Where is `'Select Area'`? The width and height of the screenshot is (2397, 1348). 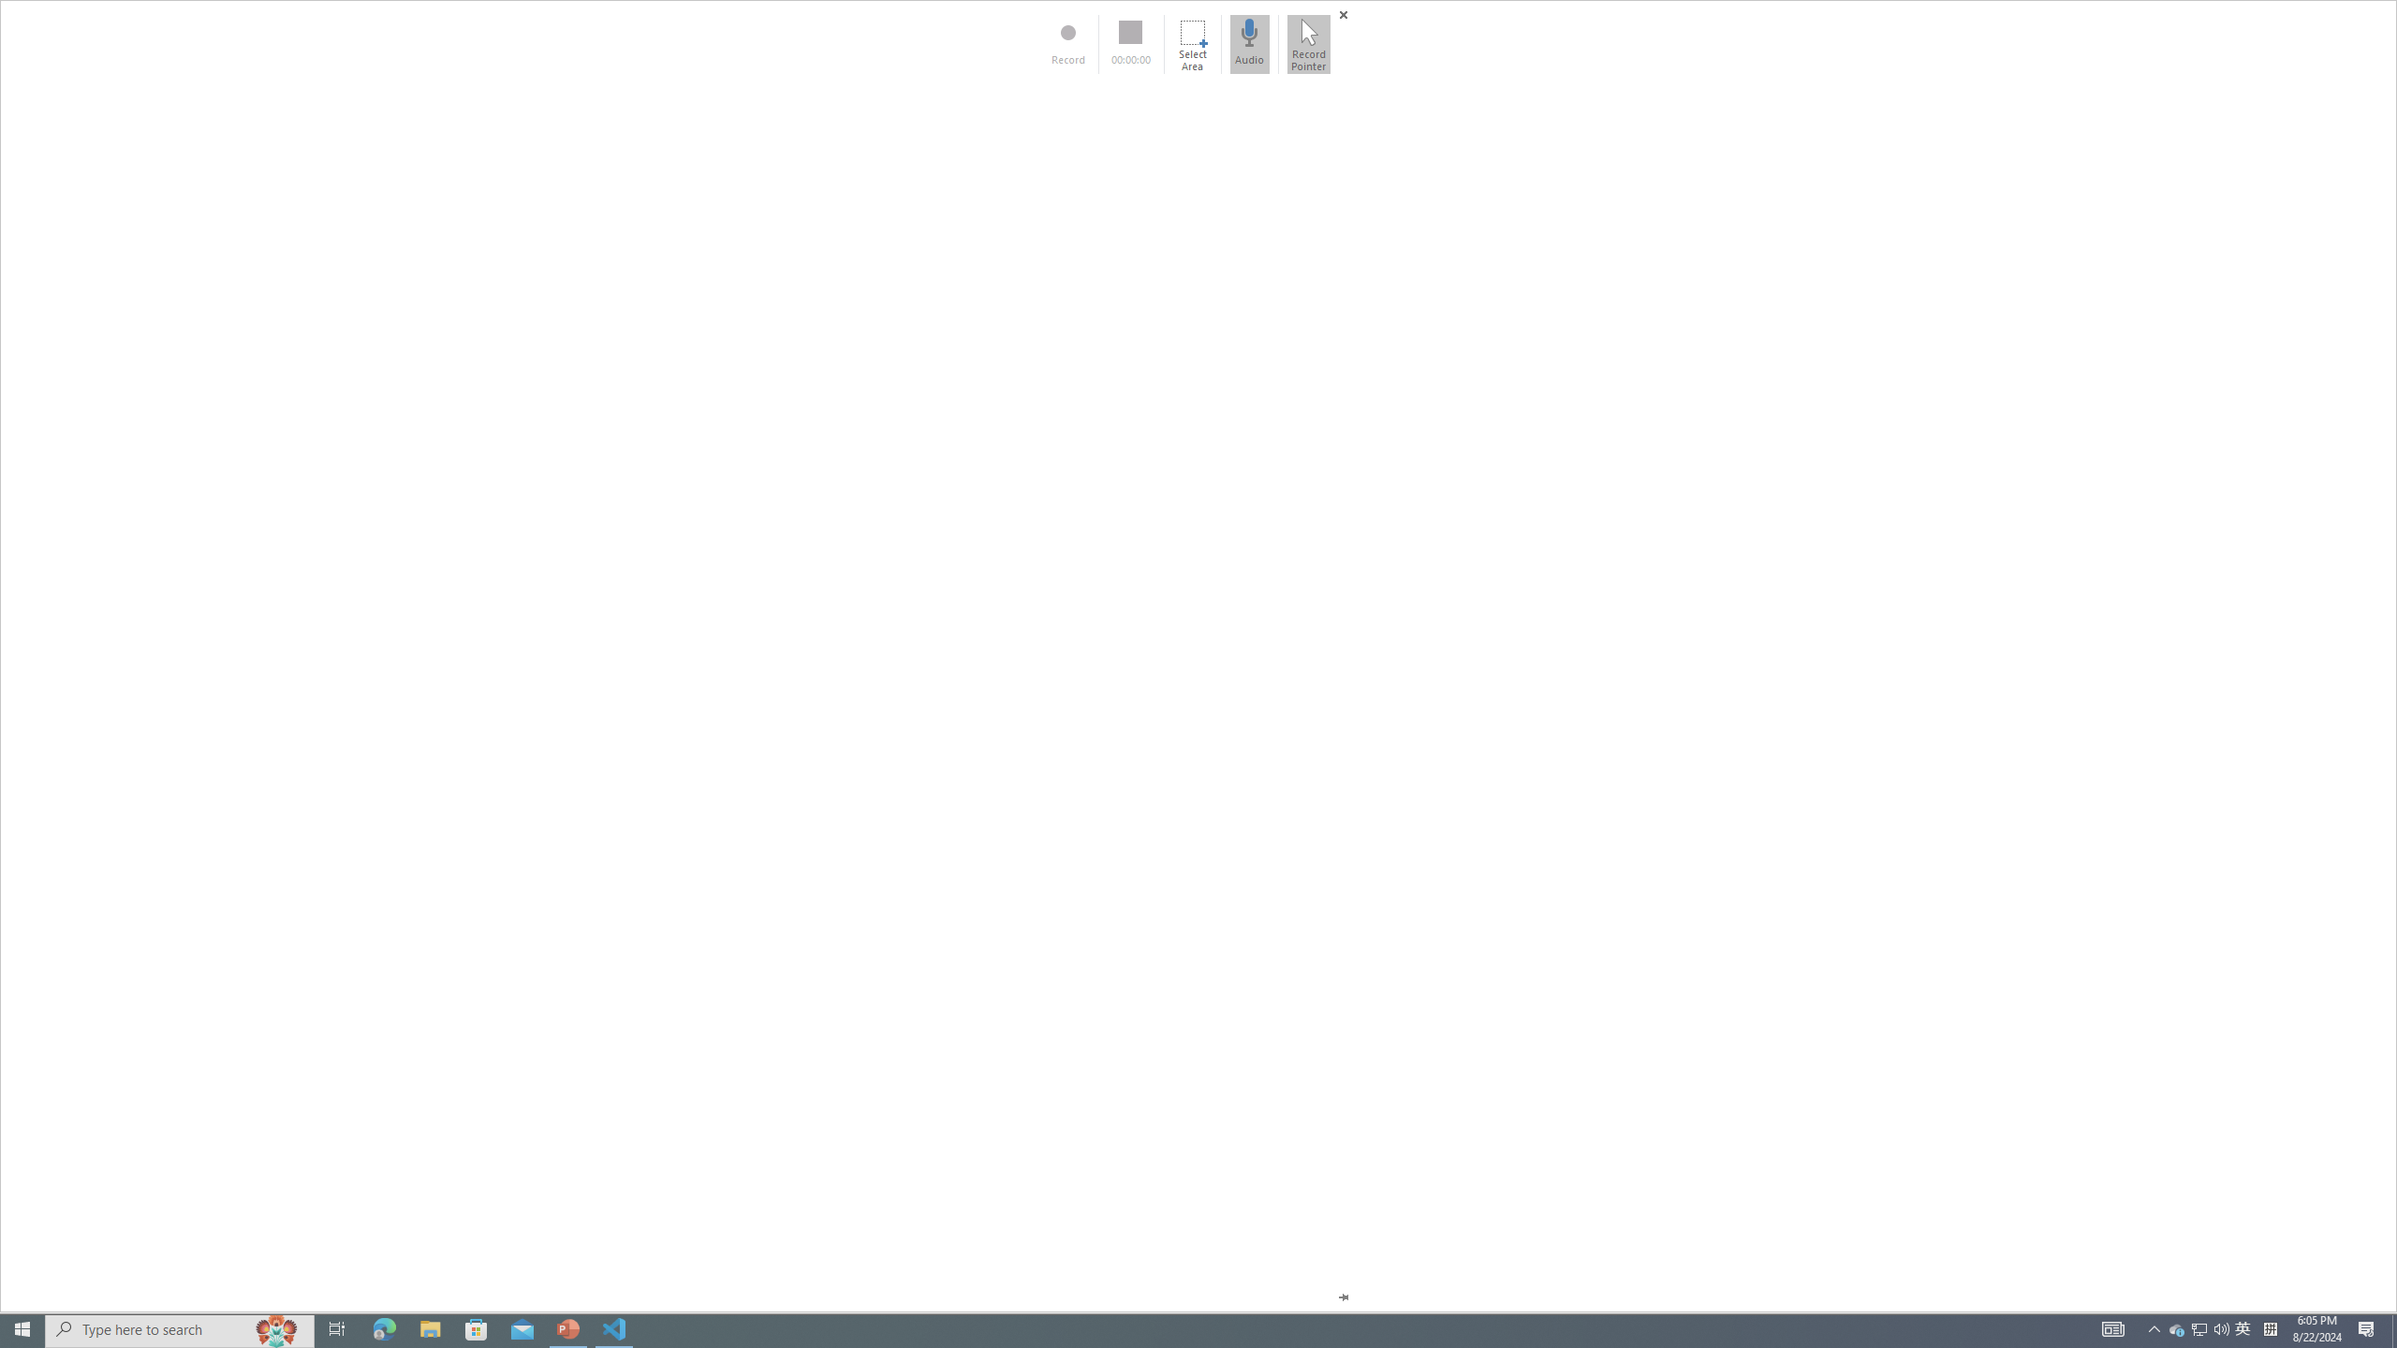 'Select Area' is located at coordinates (1191, 43).